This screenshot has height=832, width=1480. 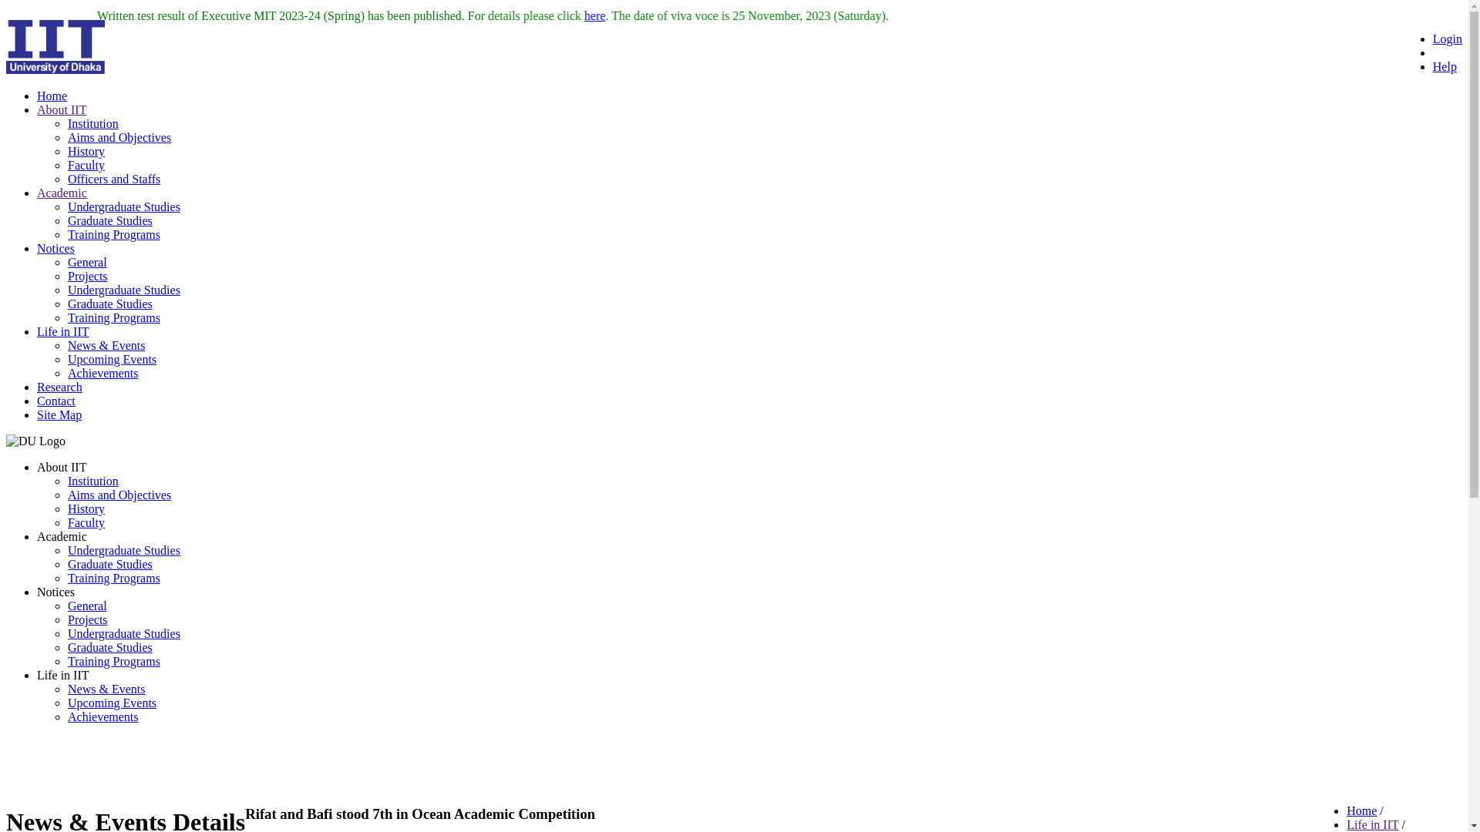 What do you see at coordinates (87, 619) in the screenshot?
I see `'Projects'` at bounding box center [87, 619].